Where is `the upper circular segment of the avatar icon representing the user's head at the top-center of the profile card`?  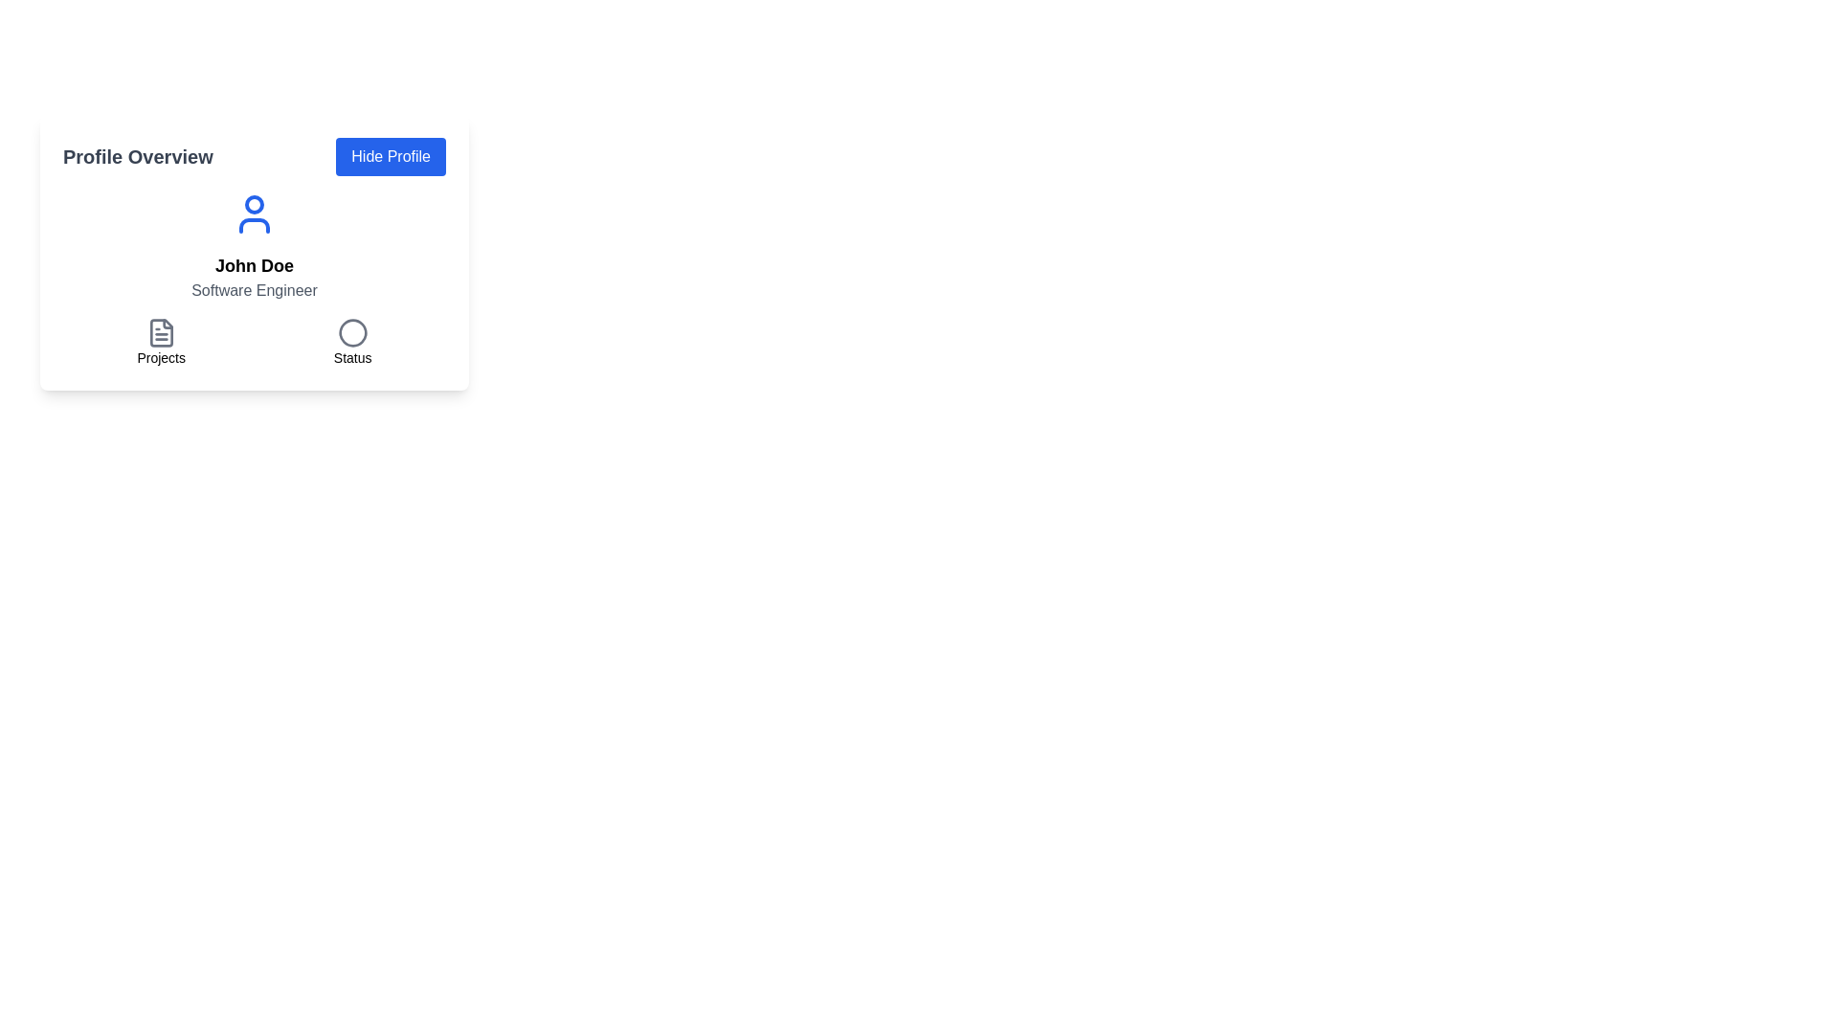 the upper circular segment of the avatar icon representing the user's head at the top-center of the profile card is located at coordinates (253, 204).